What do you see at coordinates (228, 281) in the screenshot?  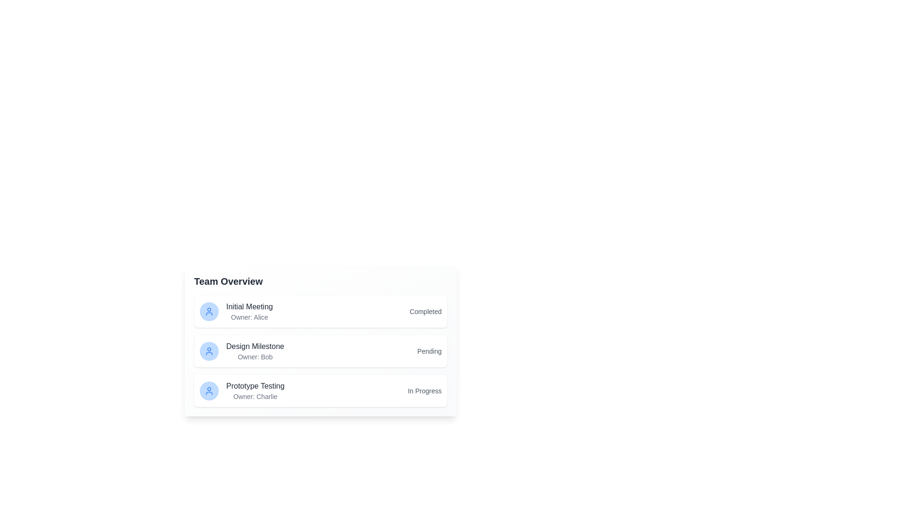 I see `the title text element located at the top-left corner of the card-like section, which serves as the heading for the meeting details` at bounding box center [228, 281].